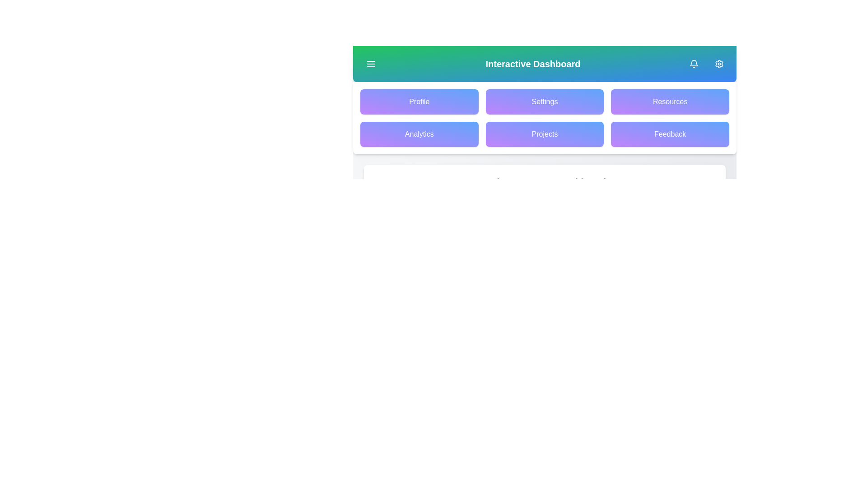 Image resolution: width=867 pixels, height=487 pixels. Describe the element at coordinates (544, 134) in the screenshot. I see `the Projects button to navigate to the corresponding section` at that location.